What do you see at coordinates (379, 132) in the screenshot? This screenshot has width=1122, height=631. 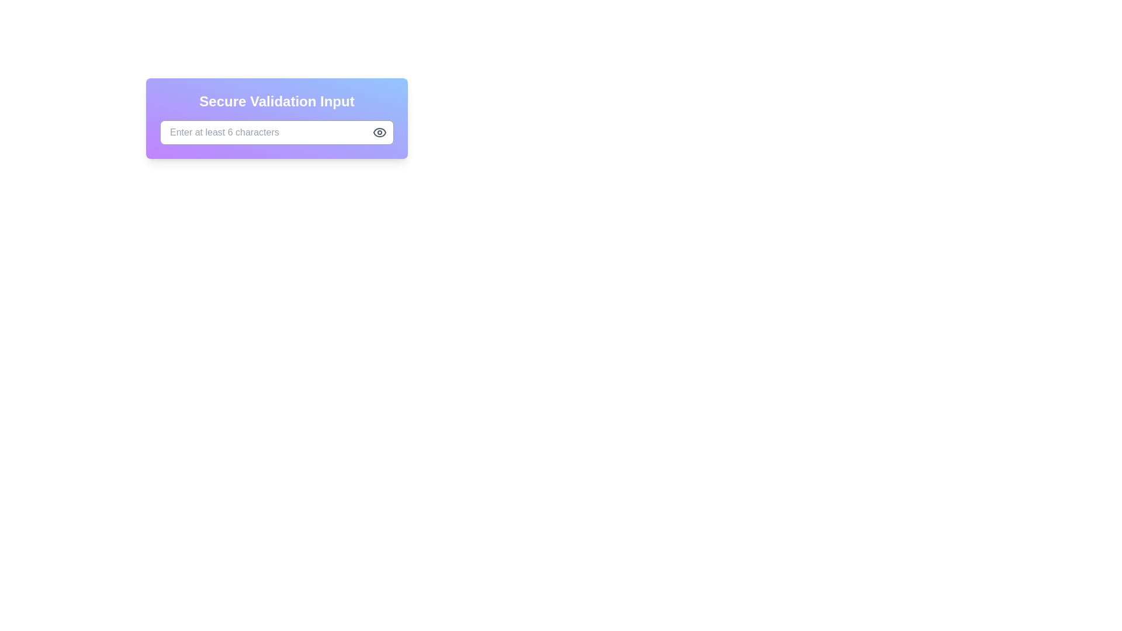 I see `the eye icon button located to the right of the password input field` at bounding box center [379, 132].